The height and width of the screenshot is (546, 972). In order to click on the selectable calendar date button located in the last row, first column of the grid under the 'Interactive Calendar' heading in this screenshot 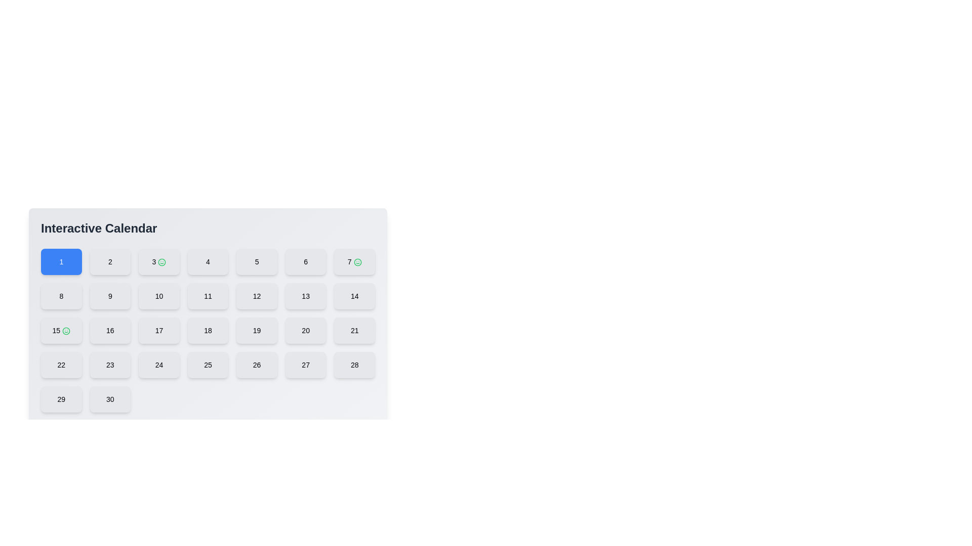, I will do `click(60, 399)`.